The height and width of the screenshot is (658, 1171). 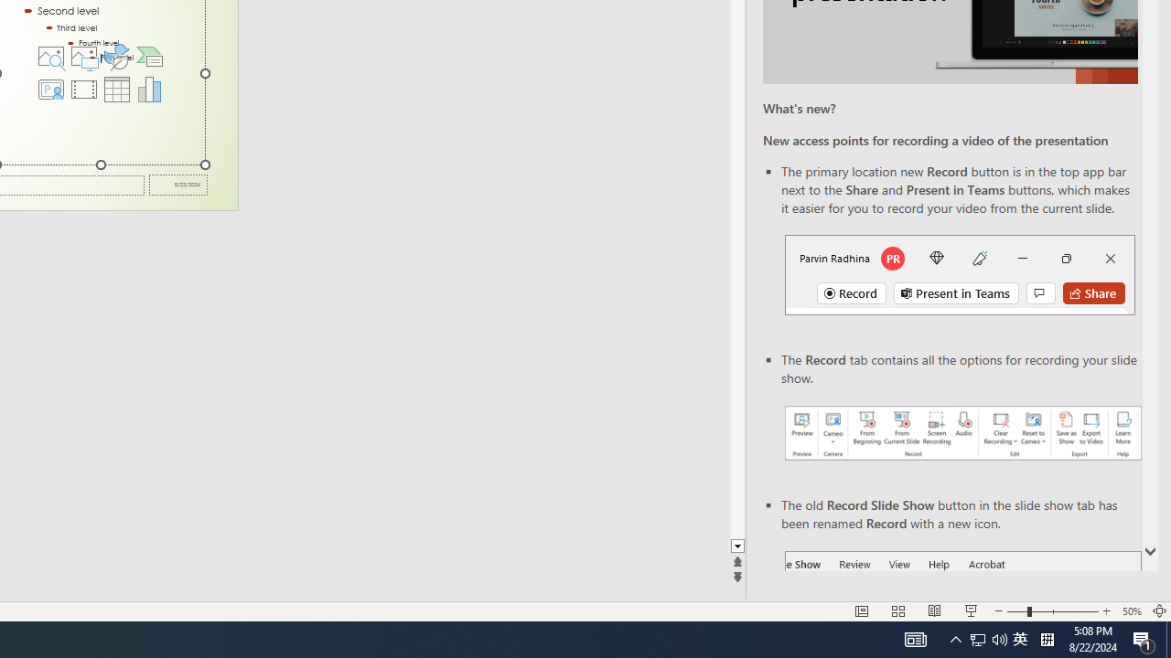 What do you see at coordinates (150, 55) in the screenshot?
I see `'Insert a SmartArt Graphic'` at bounding box center [150, 55].